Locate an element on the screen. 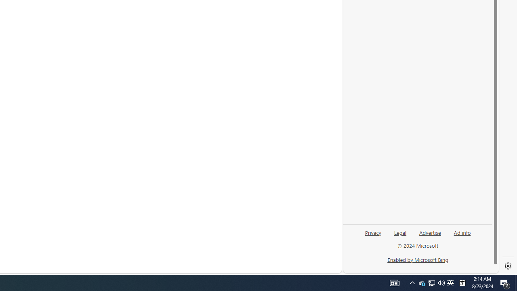 Image resolution: width=517 pixels, height=291 pixels. 'Legal' is located at coordinates (400, 236).